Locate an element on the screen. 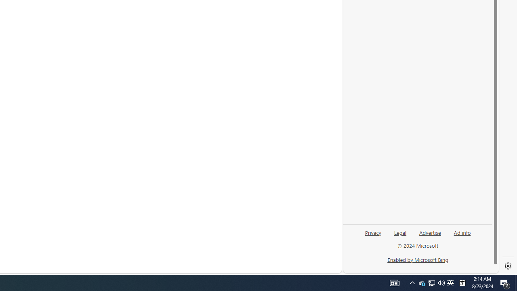 Image resolution: width=517 pixels, height=291 pixels. 'Legal' is located at coordinates (400, 236).